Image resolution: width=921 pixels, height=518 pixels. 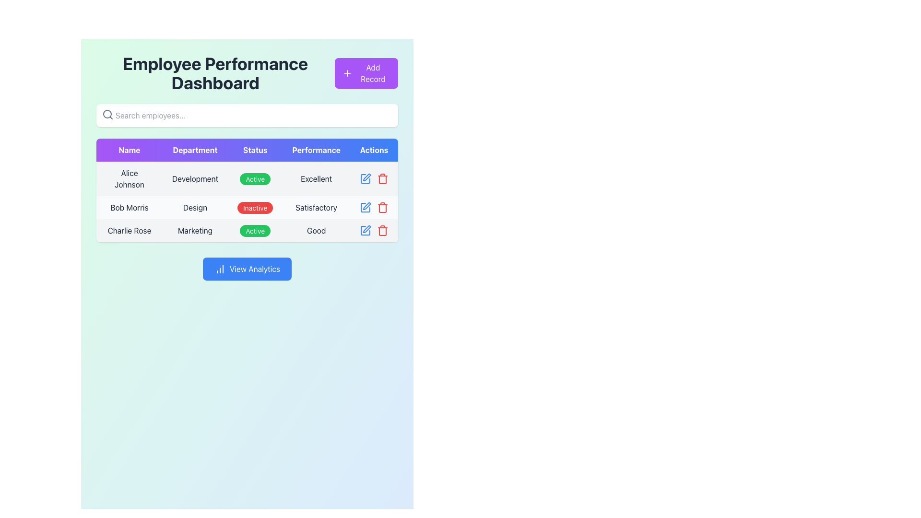 What do you see at coordinates (255, 179) in the screenshot?
I see `the 'Active' status indicator label in the 'Status' column for 'Alice Johnson' in the table, located between 'Development' in the 'Department' column and 'Excellent' in the 'Performance' column` at bounding box center [255, 179].